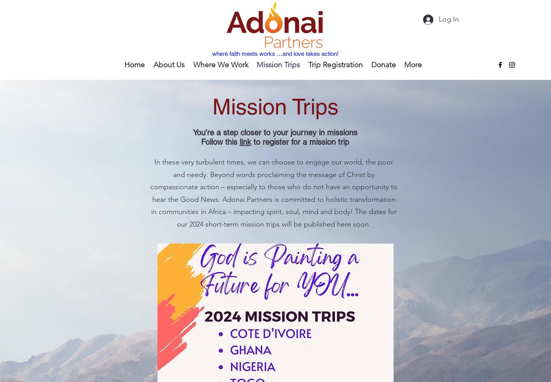  What do you see at coordinates (275, 133) in the screenshot?
I see `'You're a step closer to your journey in missions'` at bounding box center [275, 133].